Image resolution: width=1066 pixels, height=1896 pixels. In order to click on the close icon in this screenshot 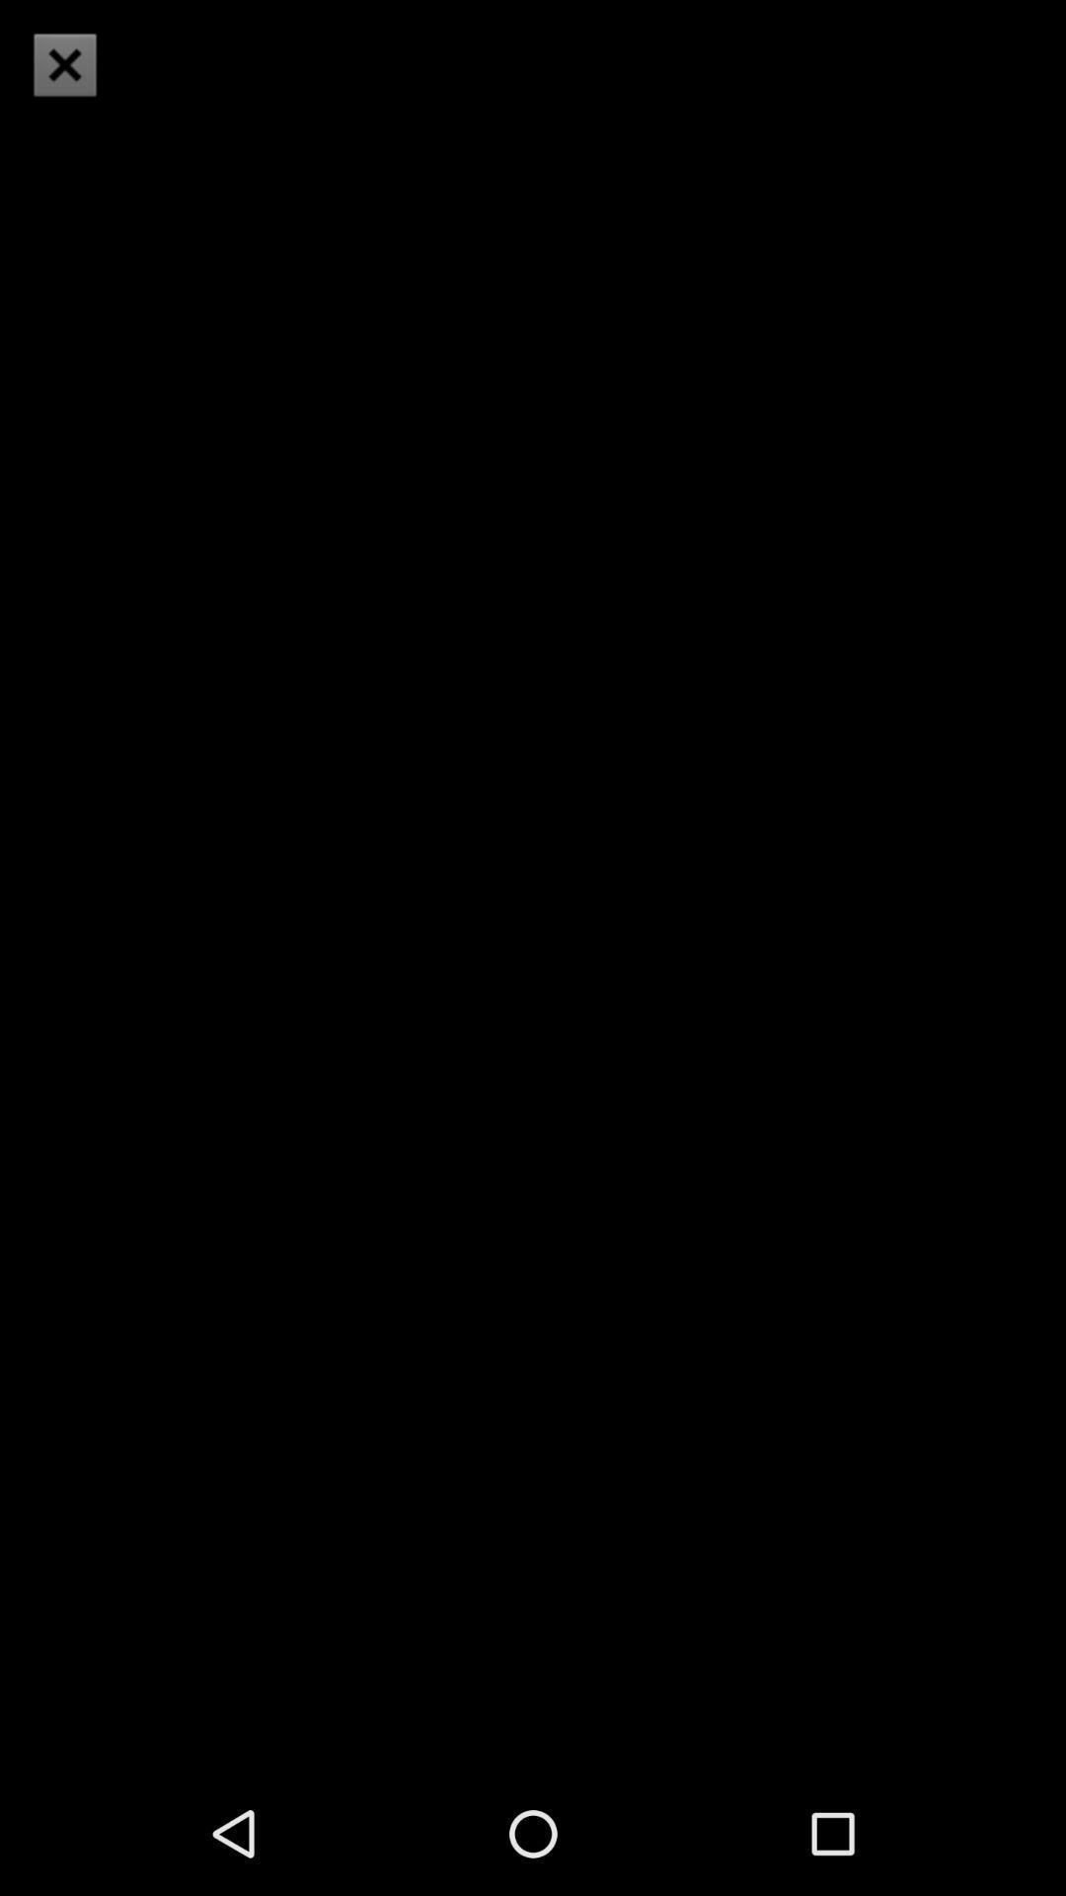, I will do `click(63, 69)`.